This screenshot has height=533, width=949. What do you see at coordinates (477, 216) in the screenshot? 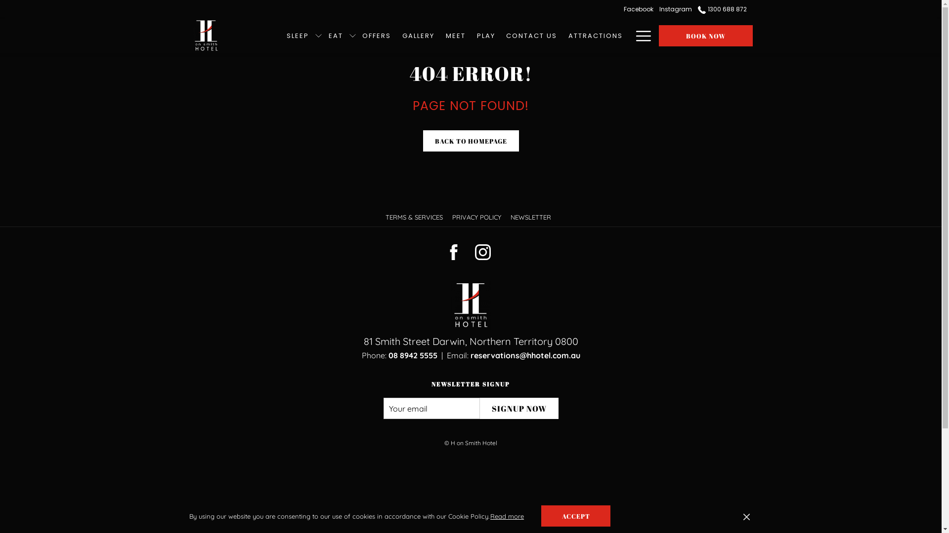
I see `'PRIVACY POLICY'` at bounding box center [477, 216].